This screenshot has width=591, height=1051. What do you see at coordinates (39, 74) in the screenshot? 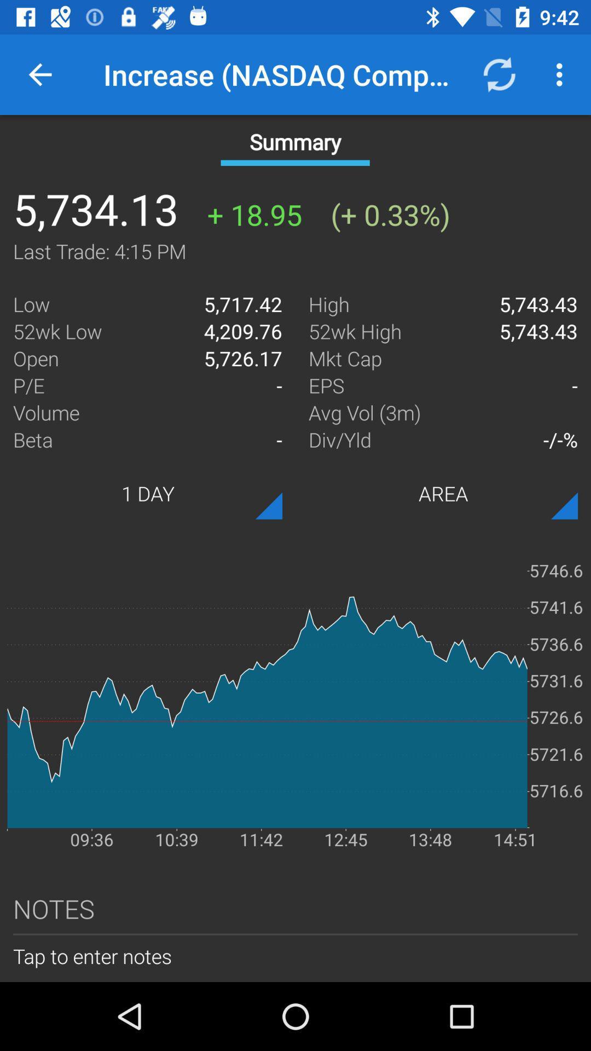
I see `item next to increase (nasdaq composite) icon` at bounding box center [39, 74].